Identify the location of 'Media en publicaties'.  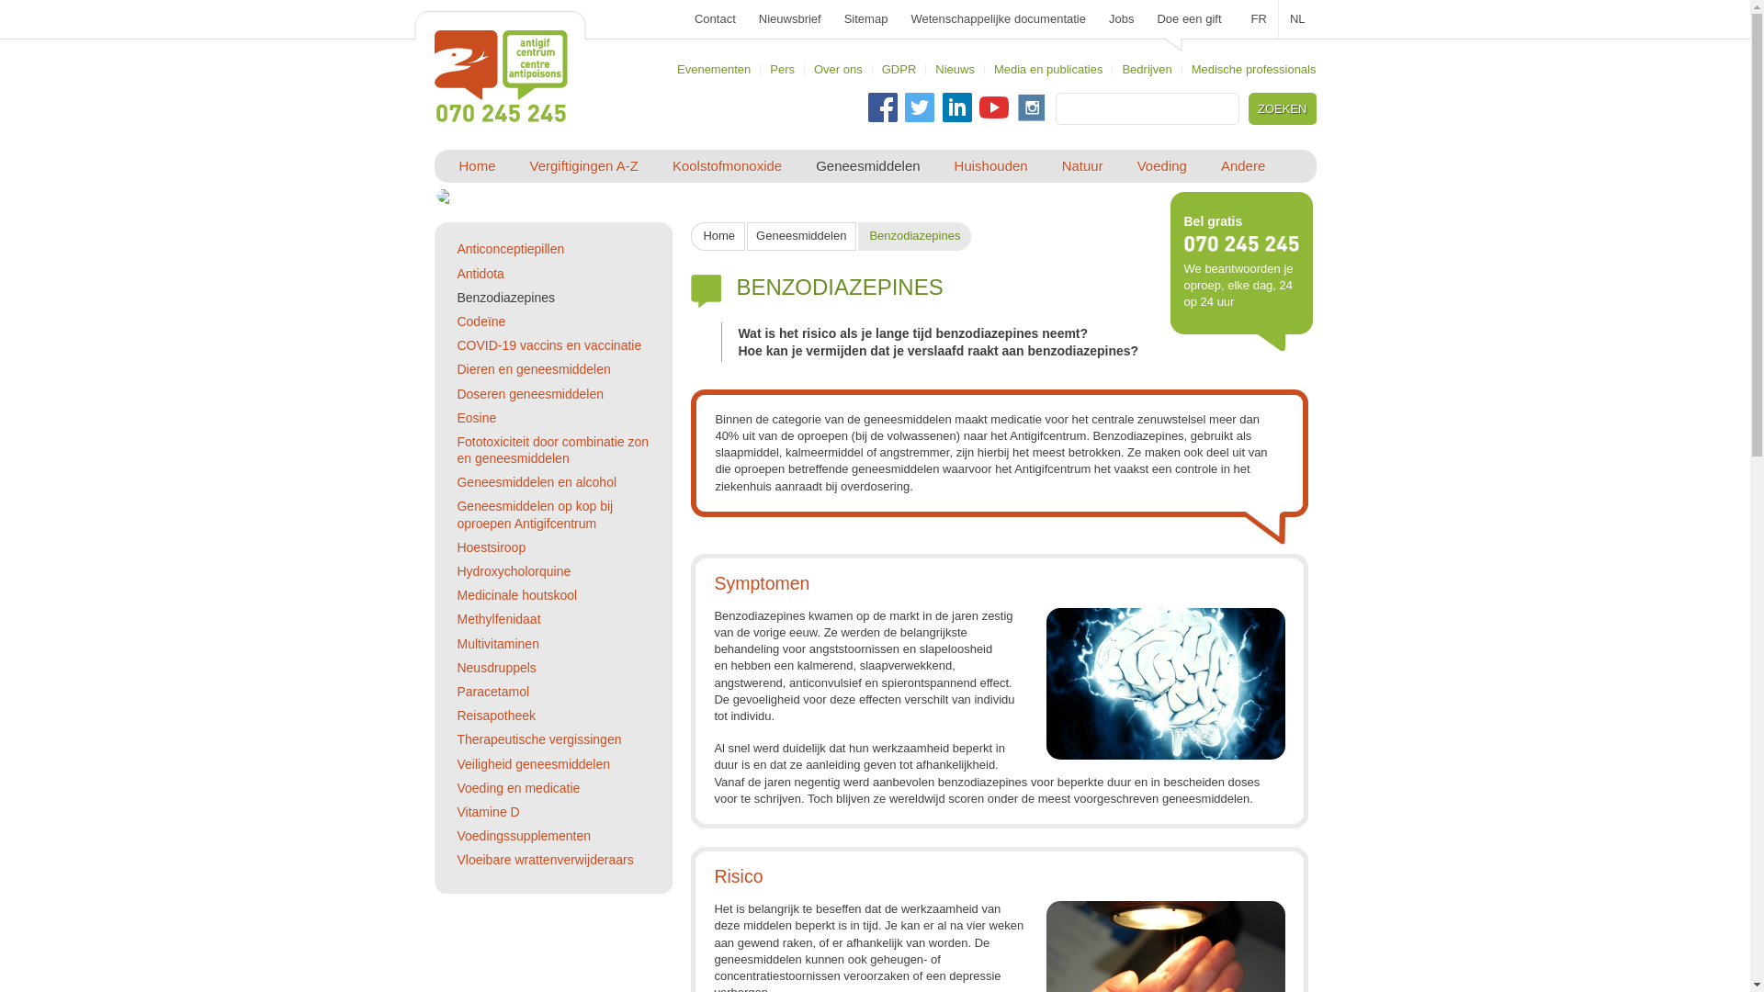
(1048, 68).